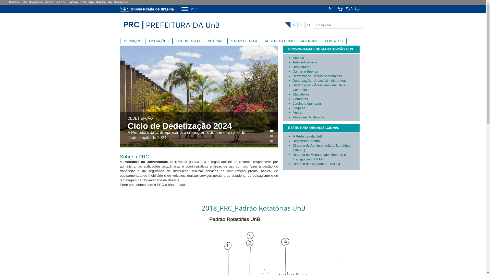  What do you see at coordinates (325, 66) in the screenshot?
I see `'Bebedouros'` at bounding box center [325, 66].